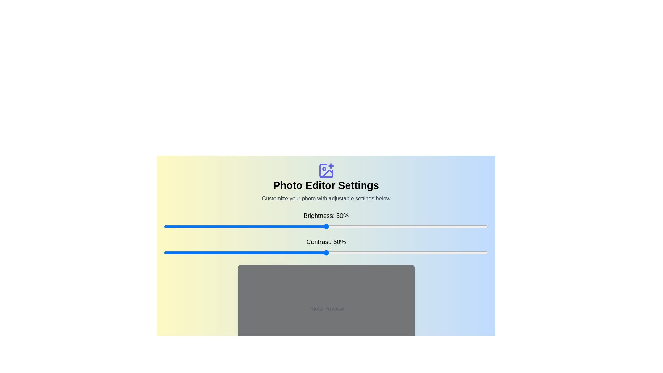 Image resolution: width=663 pixels, height=373 pixels. What do you see at coordinates (452, 253) in the screenshot?
I see `the contrast slider to 89%` at bounding box center [452, 253].